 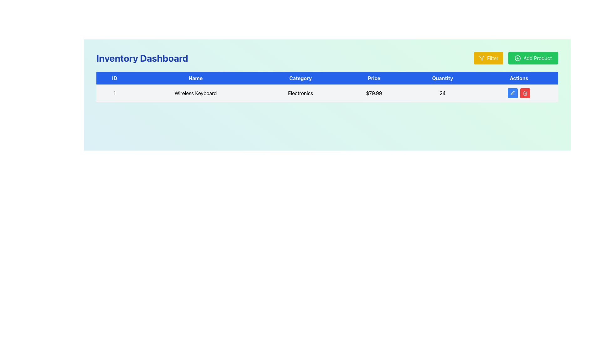 I want to click on the edit icon located in the 'Actions' column of the first row in the main data table, so click(x=512, y=93).